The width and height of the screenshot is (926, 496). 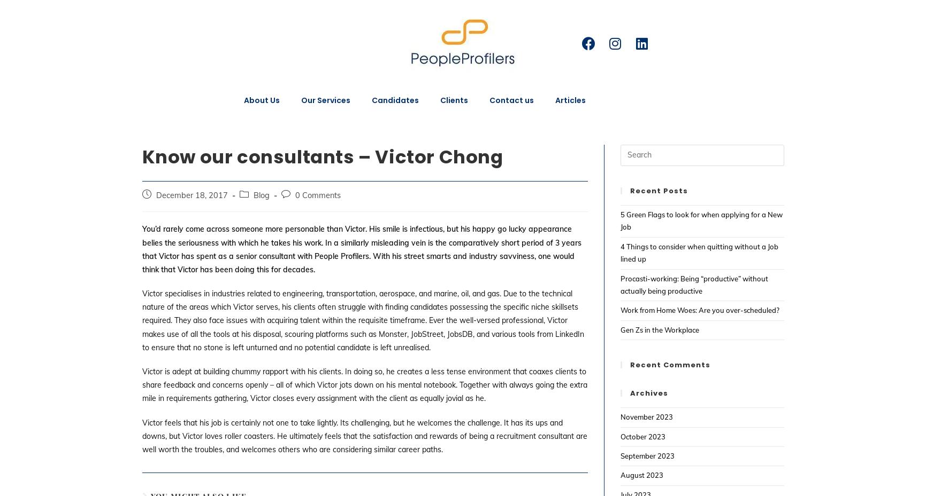 I want to click on 'August 2023', so click(x=641, y=475).